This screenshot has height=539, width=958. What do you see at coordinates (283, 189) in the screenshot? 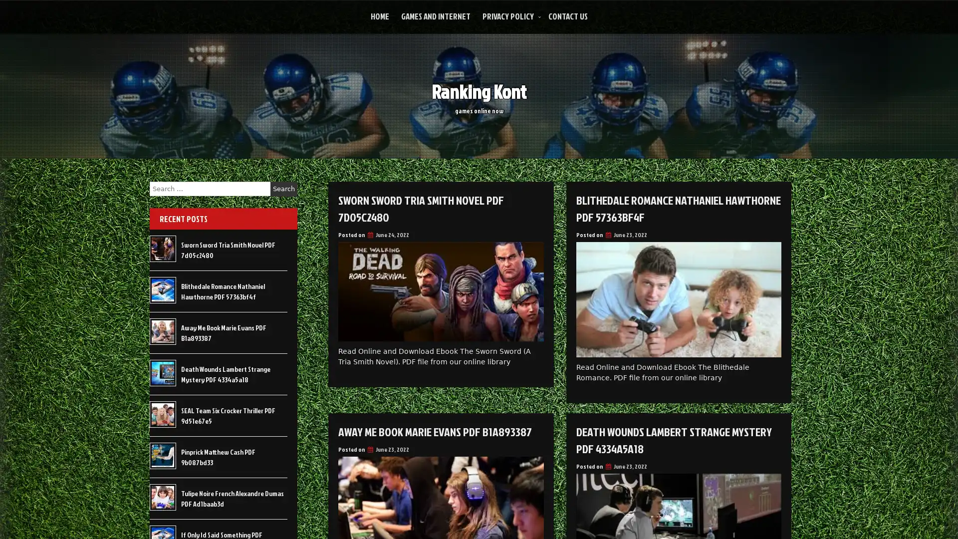
I see `Search` at bounding box center [283, 189].